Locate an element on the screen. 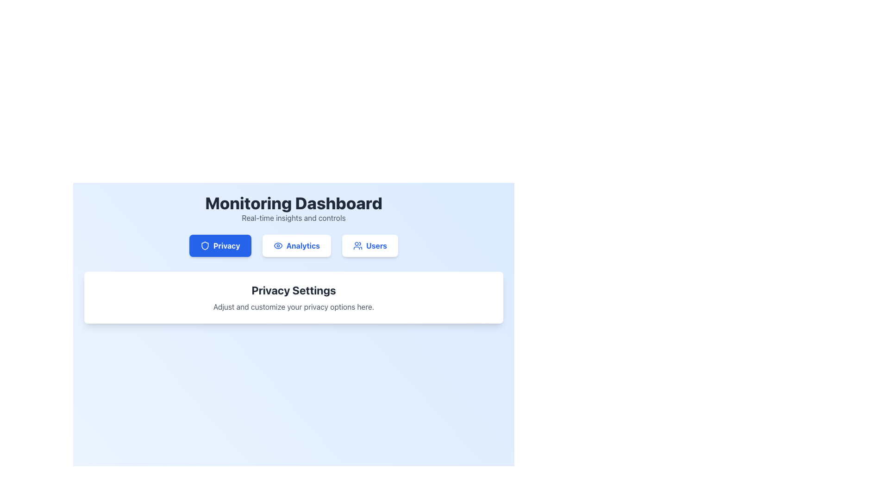 This screenshot has height=500, width=889. the guidance text element displayed in gray font, located directly beneath the 'Privacy Settings' title is located at coordinates (293, 307).